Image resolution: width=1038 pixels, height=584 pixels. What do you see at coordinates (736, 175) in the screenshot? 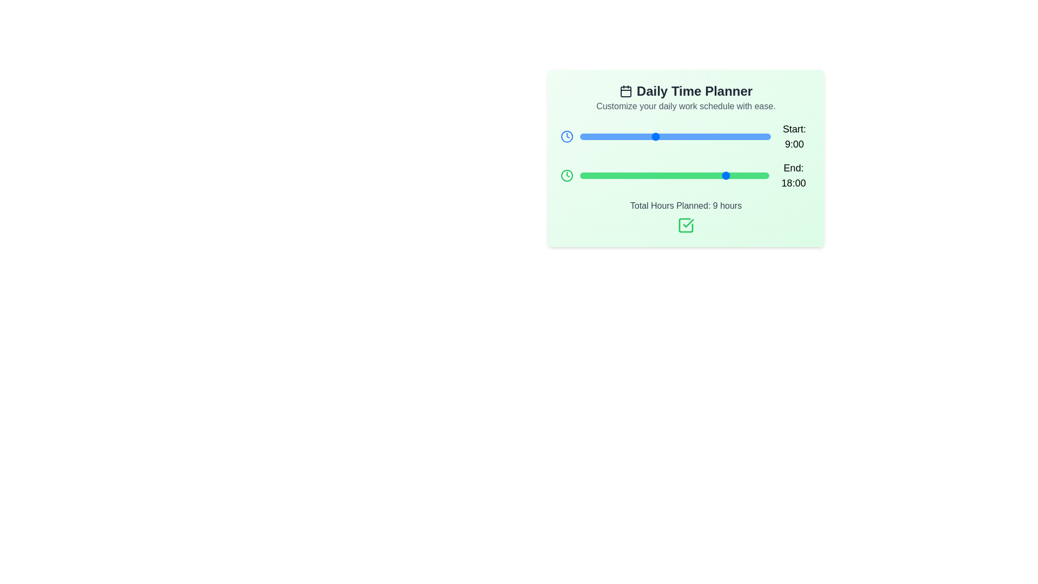
I see `the 'End' slider to set the end time to 19:00` at bounding box center [736, 175].